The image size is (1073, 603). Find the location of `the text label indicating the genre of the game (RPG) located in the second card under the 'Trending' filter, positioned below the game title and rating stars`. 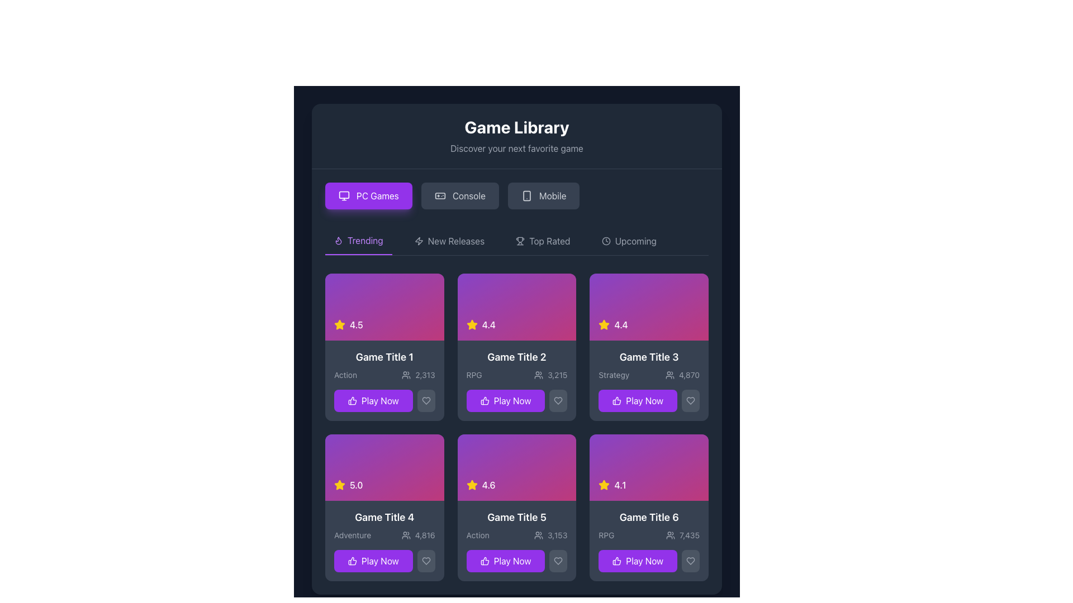

the text label indicating the genre of the game (RPG) located in the second card under the 'Trending' filter, positioned below the game title and rating stars is located at coordinates (474, 375).